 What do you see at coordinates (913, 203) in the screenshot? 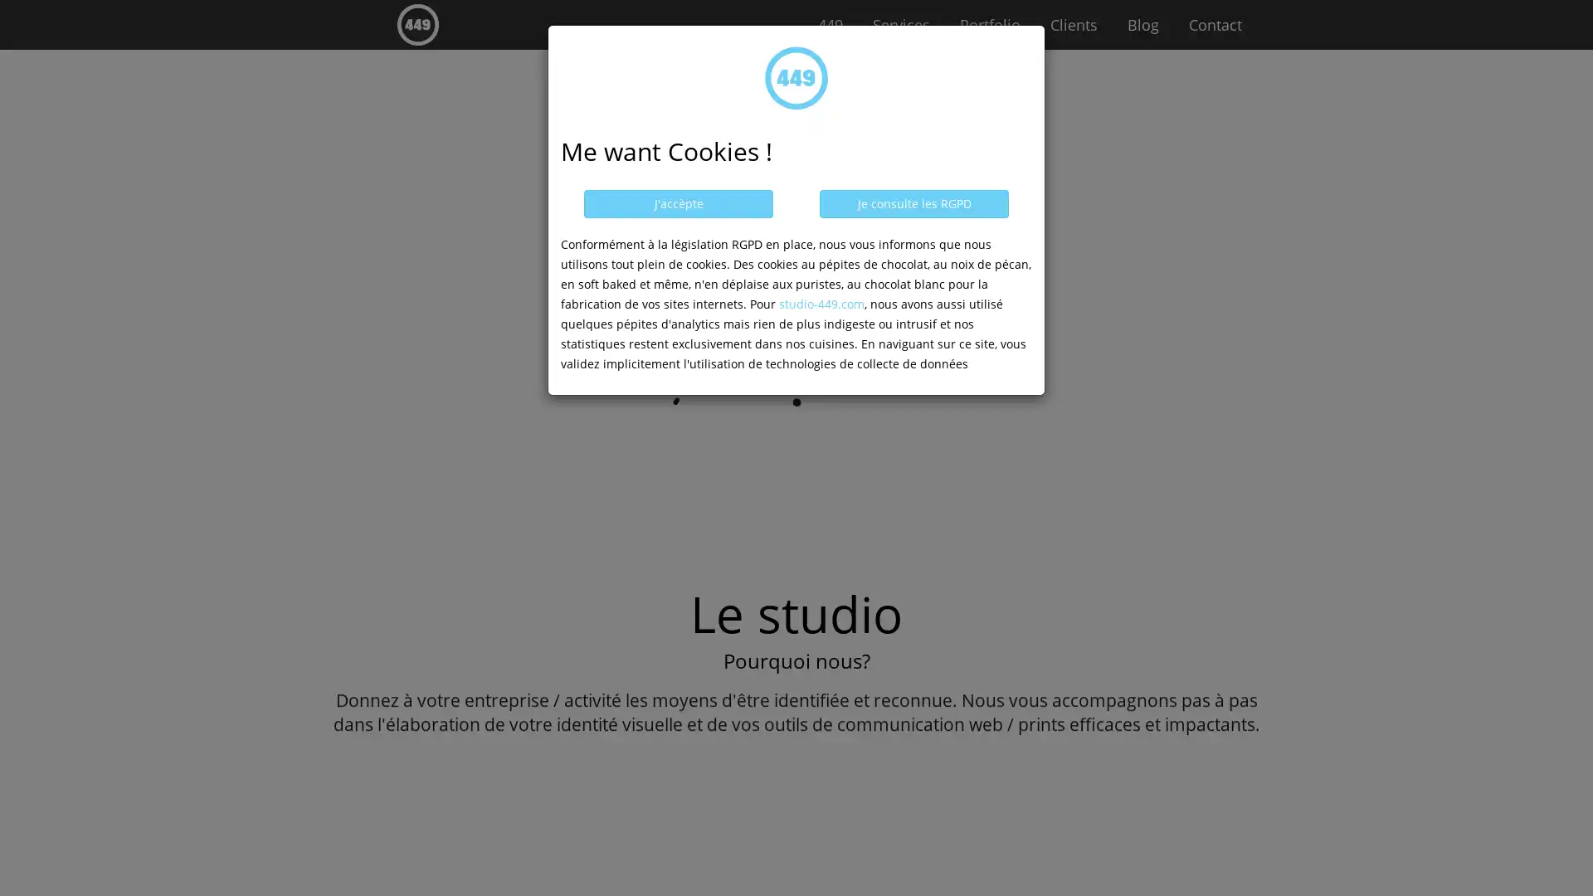
I see `Je consulte les RGPD` at bounding box center [913, 203].